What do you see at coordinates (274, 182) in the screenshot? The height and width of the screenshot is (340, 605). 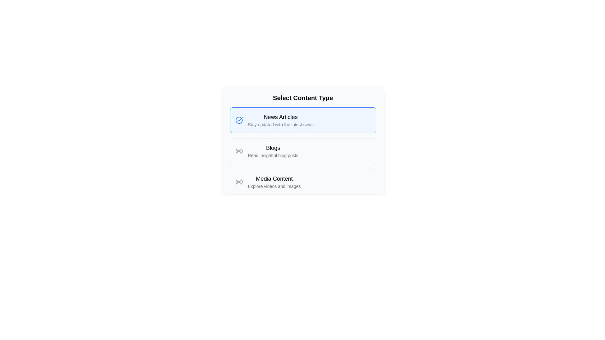 I see `the 'Media Content' label, which includes the heading 'Media Content' and subtext 'Explore videos and images'` at bounding box center [274, 182].